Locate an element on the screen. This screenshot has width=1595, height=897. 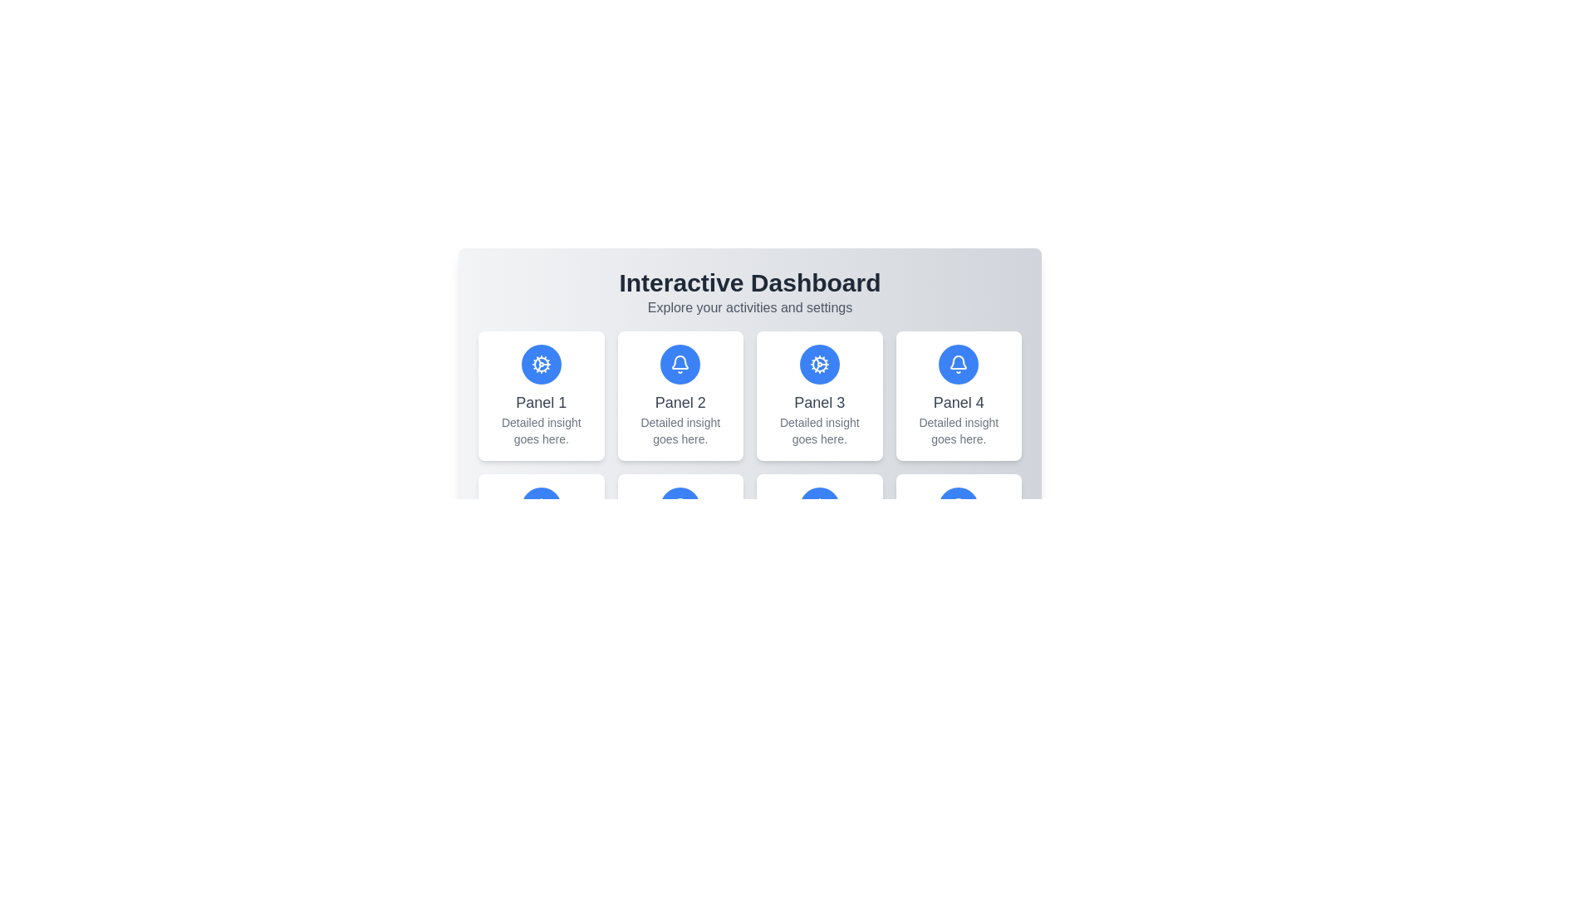
the description text block located below the title of 'Panel 3' in the dashboard interface is located at coordinates (819, 430).